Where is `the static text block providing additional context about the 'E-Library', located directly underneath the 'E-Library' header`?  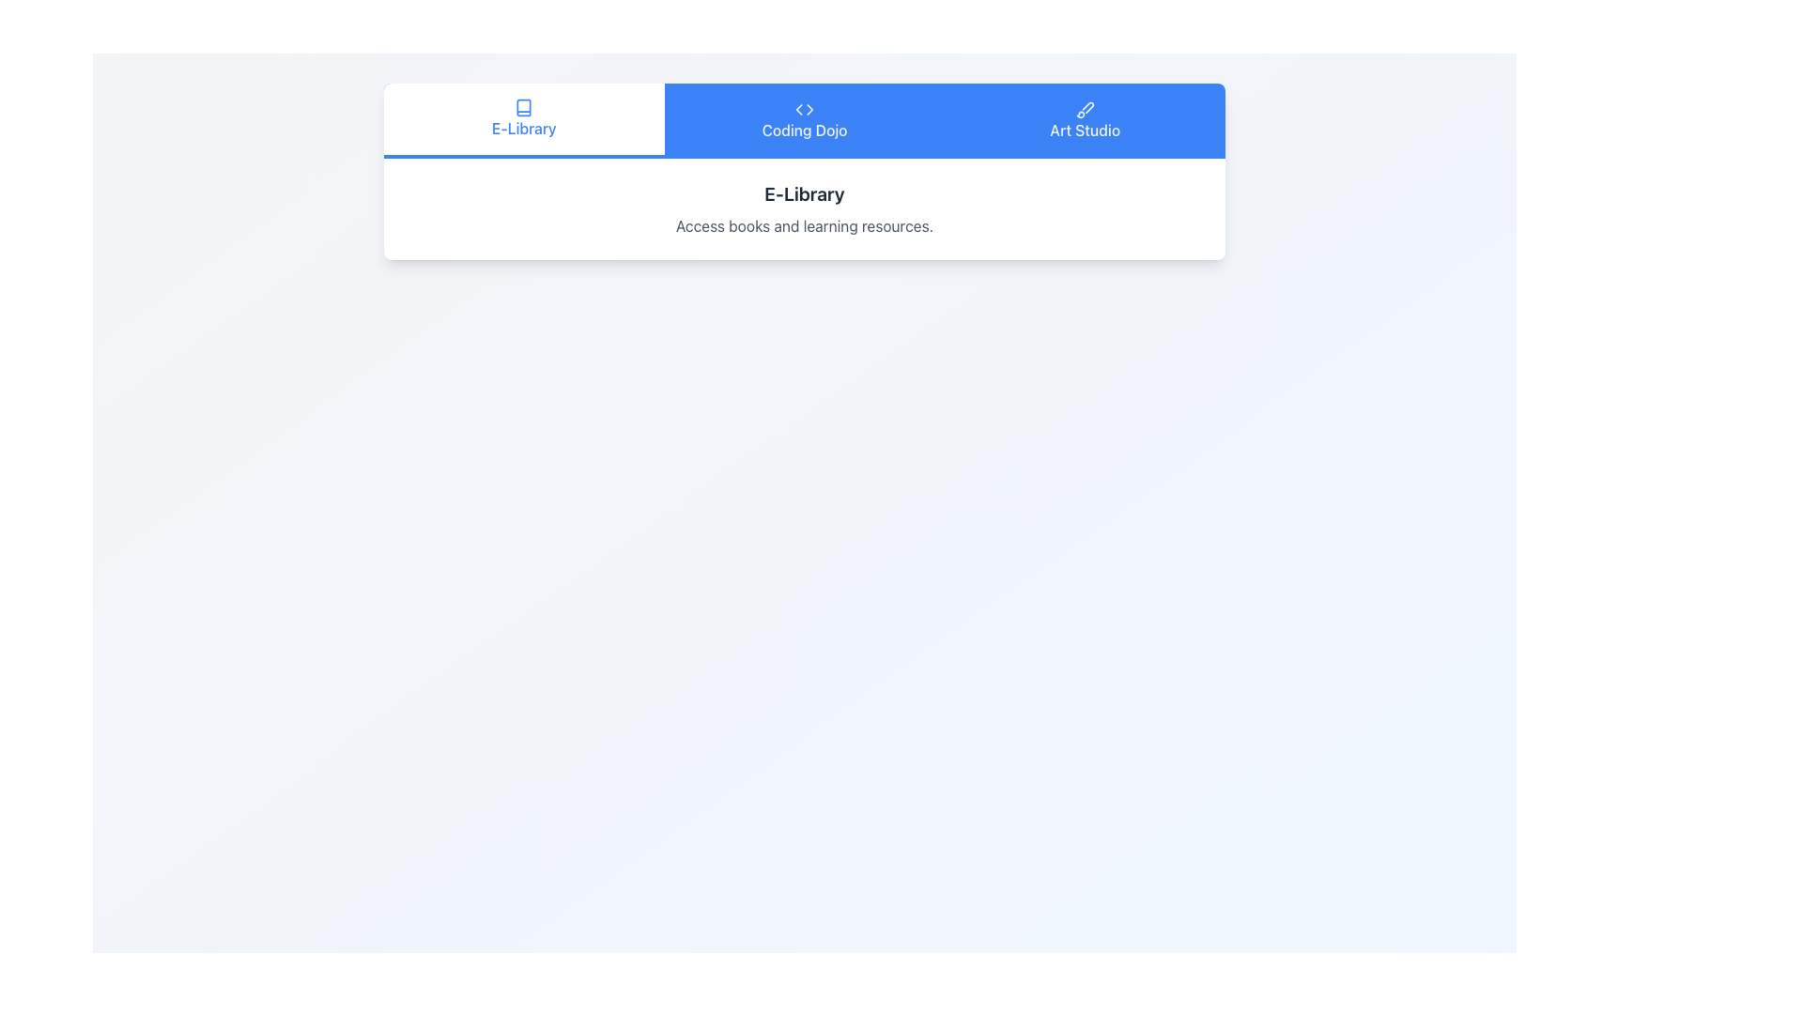
the static text block providing additional context about the 'E-Library', located directly underneath the 'E-Library' header is located at coordinates (805, 224).